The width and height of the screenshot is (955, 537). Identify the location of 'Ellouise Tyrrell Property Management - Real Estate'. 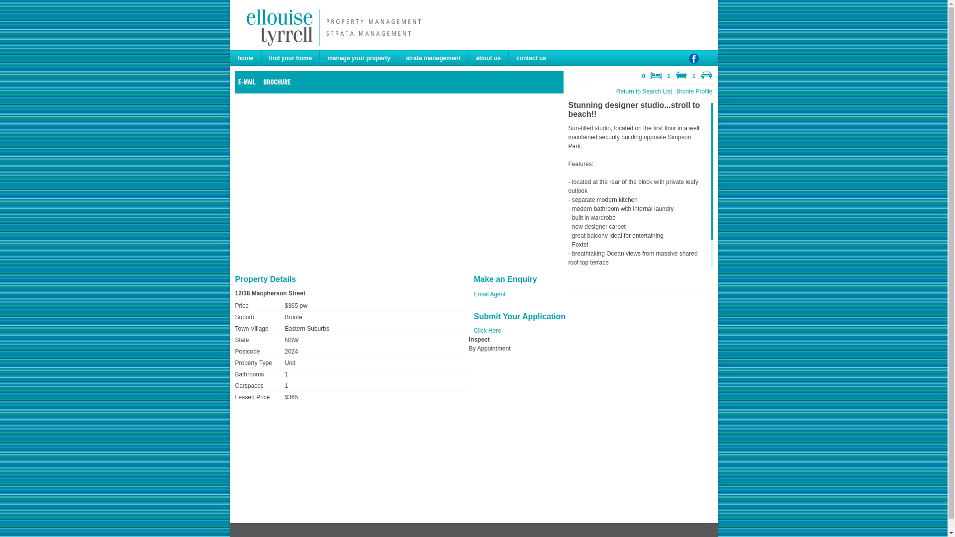
(331, 26).